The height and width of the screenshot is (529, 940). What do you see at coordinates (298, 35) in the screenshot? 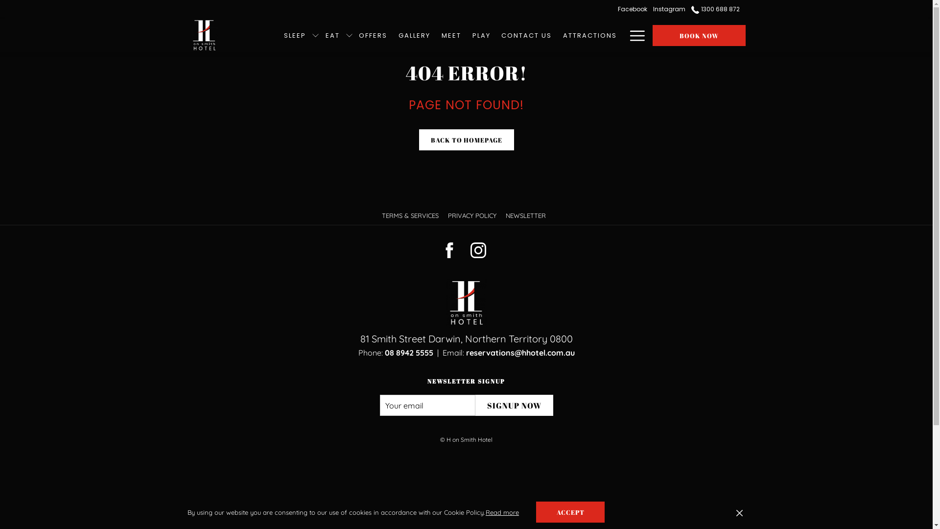
I see `'SLEEP'` at bounding box center [298, 35].